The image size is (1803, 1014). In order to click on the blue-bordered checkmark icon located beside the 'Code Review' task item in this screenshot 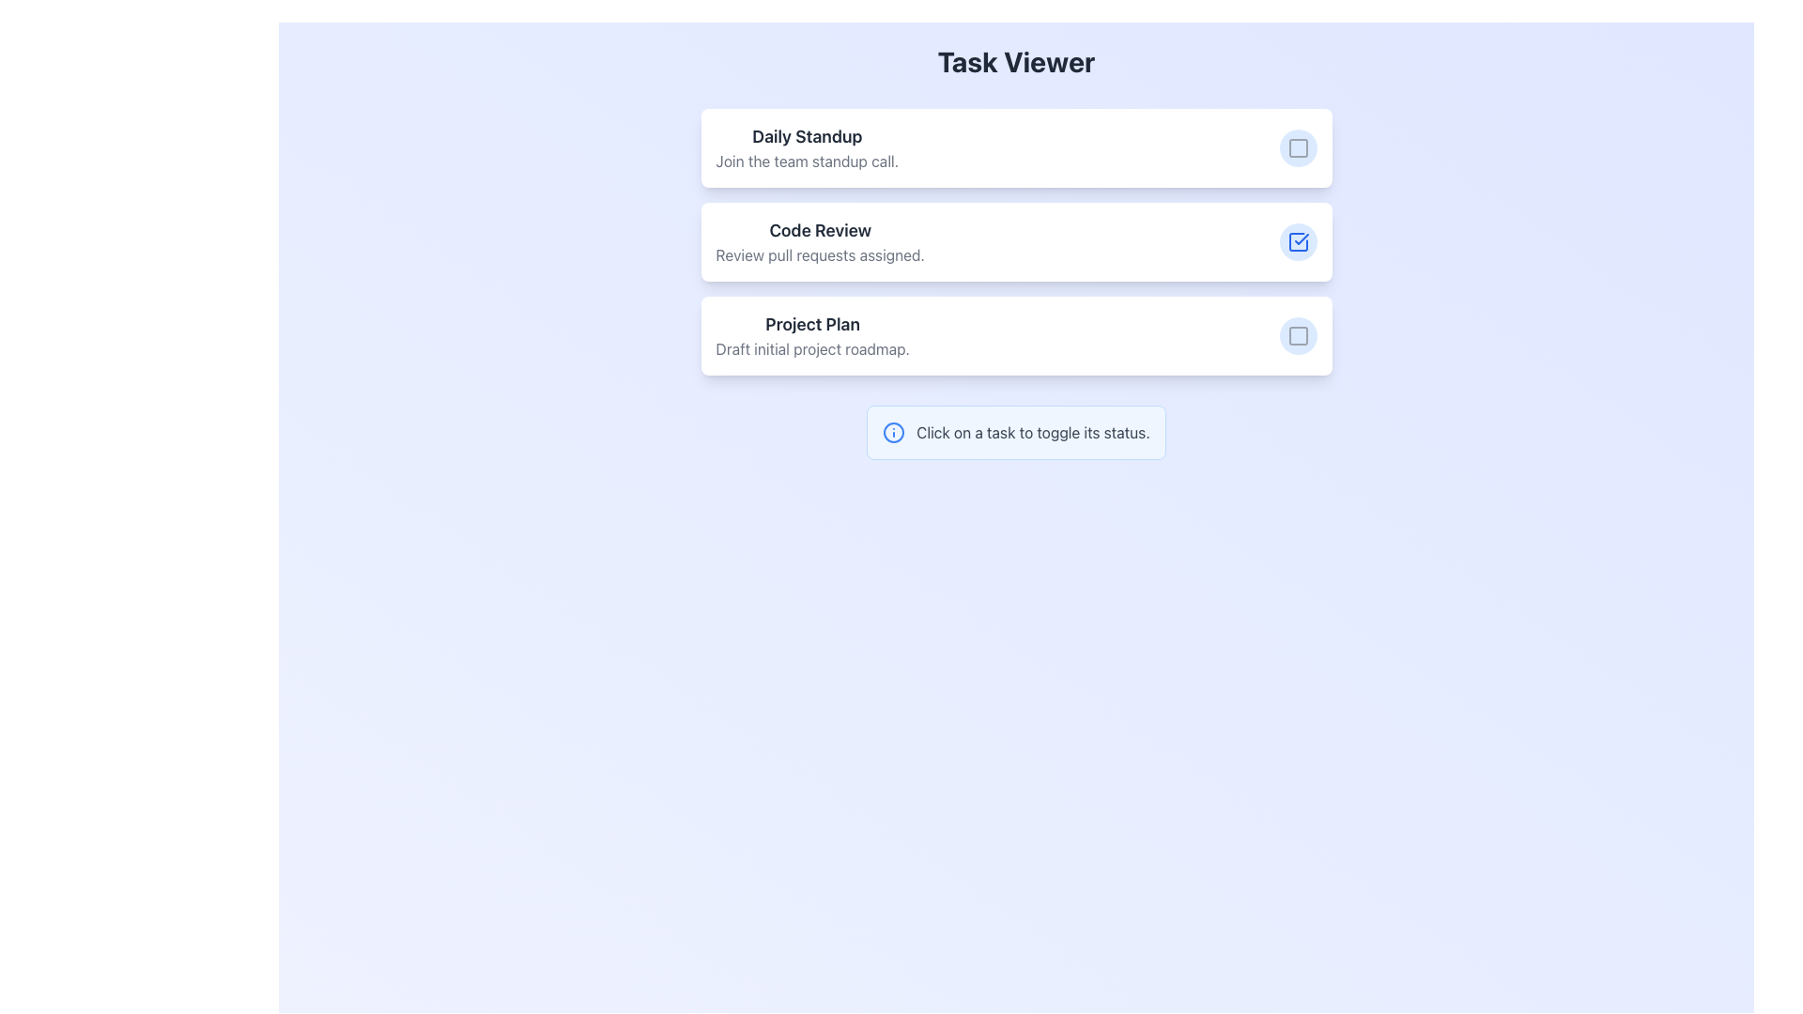, I will do `click(1297, 241)`.